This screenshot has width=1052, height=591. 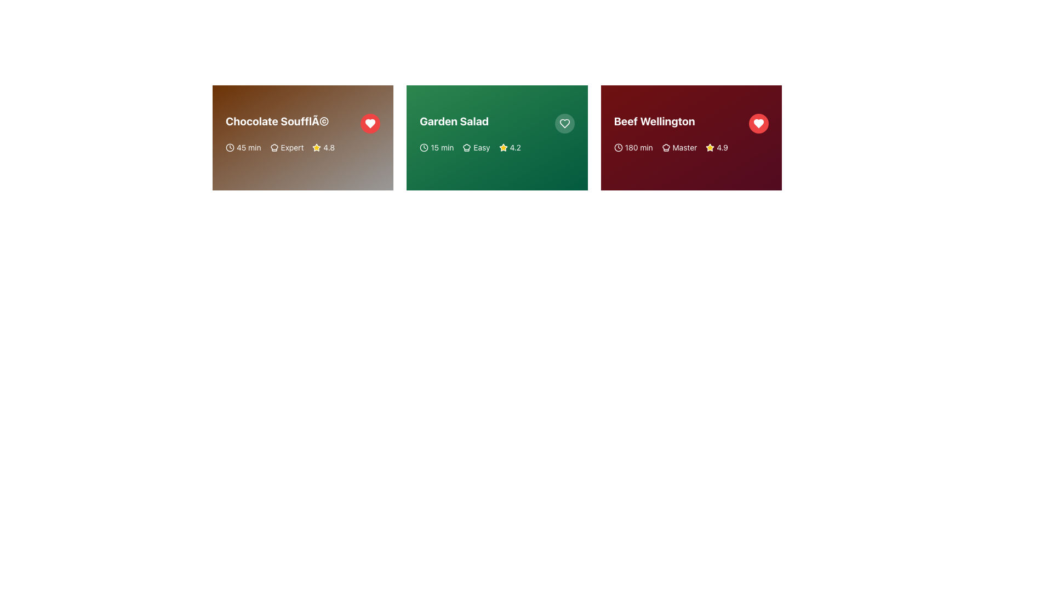 What do you see at coordinates (758, 123) in the screenshot?
I see `the favorite button in the top-right corner of the 'Beef Wellington' card to mark it as a favorite` at bounding box center [758, 123].